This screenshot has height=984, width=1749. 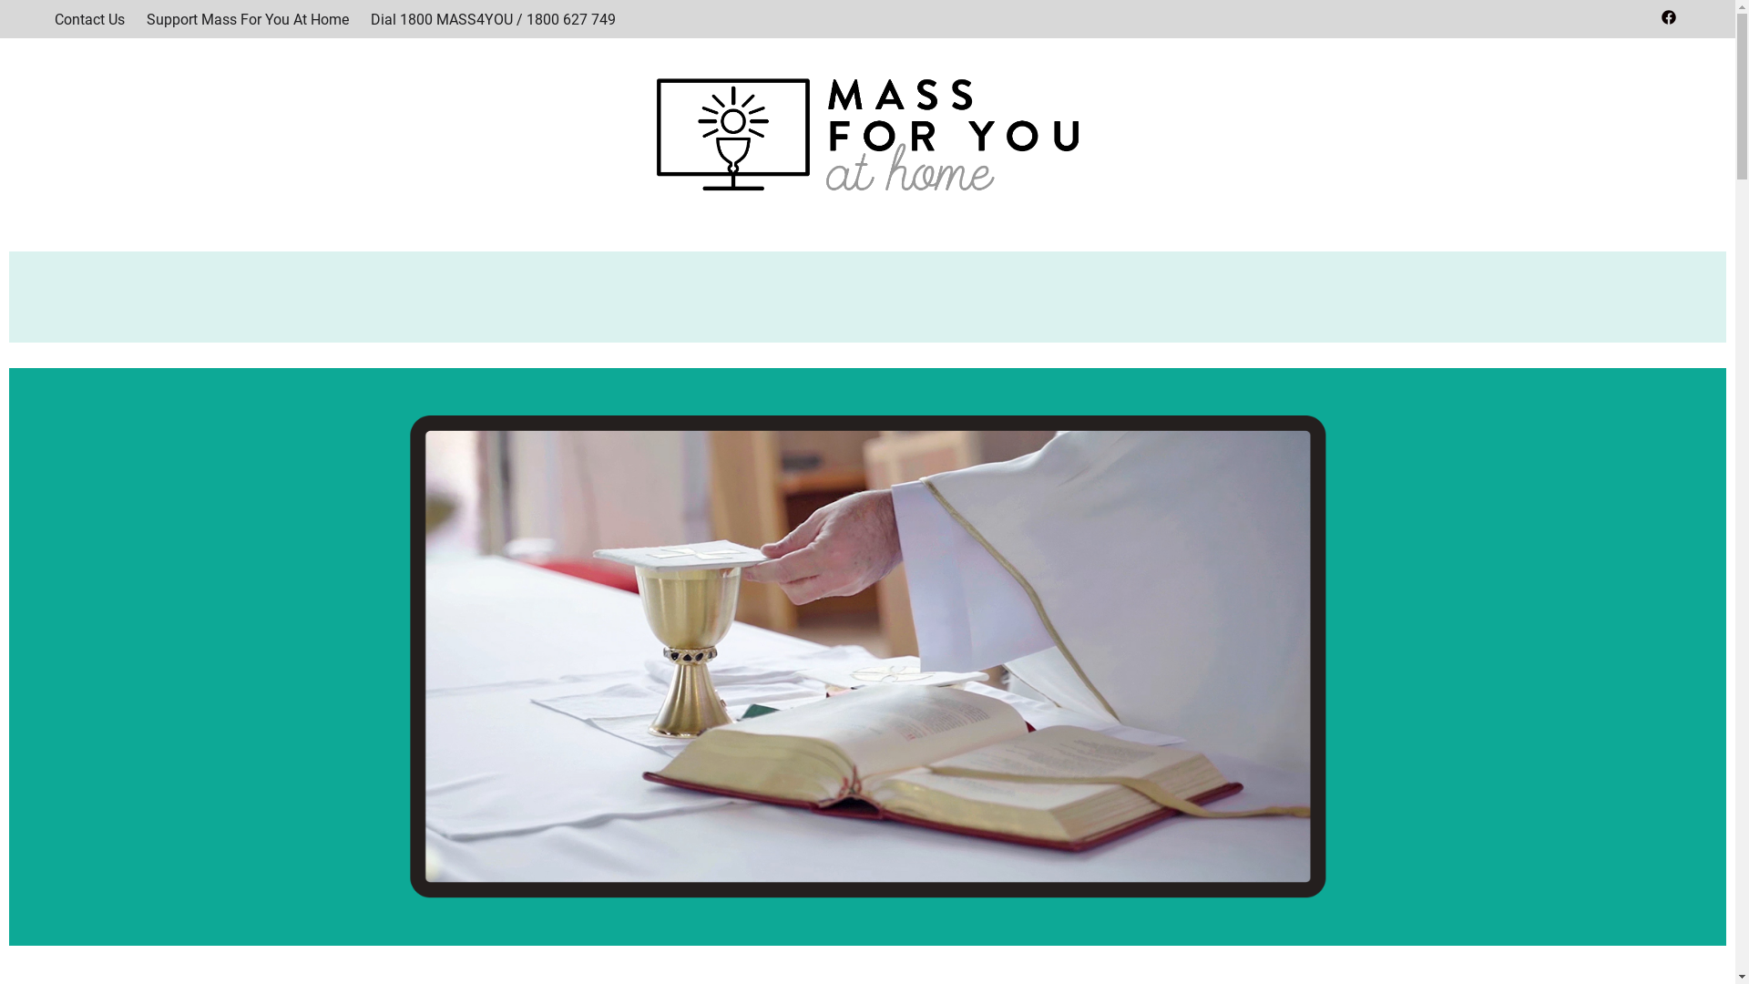 I want to click on 'Contact Us', so click(x=88, y=19).